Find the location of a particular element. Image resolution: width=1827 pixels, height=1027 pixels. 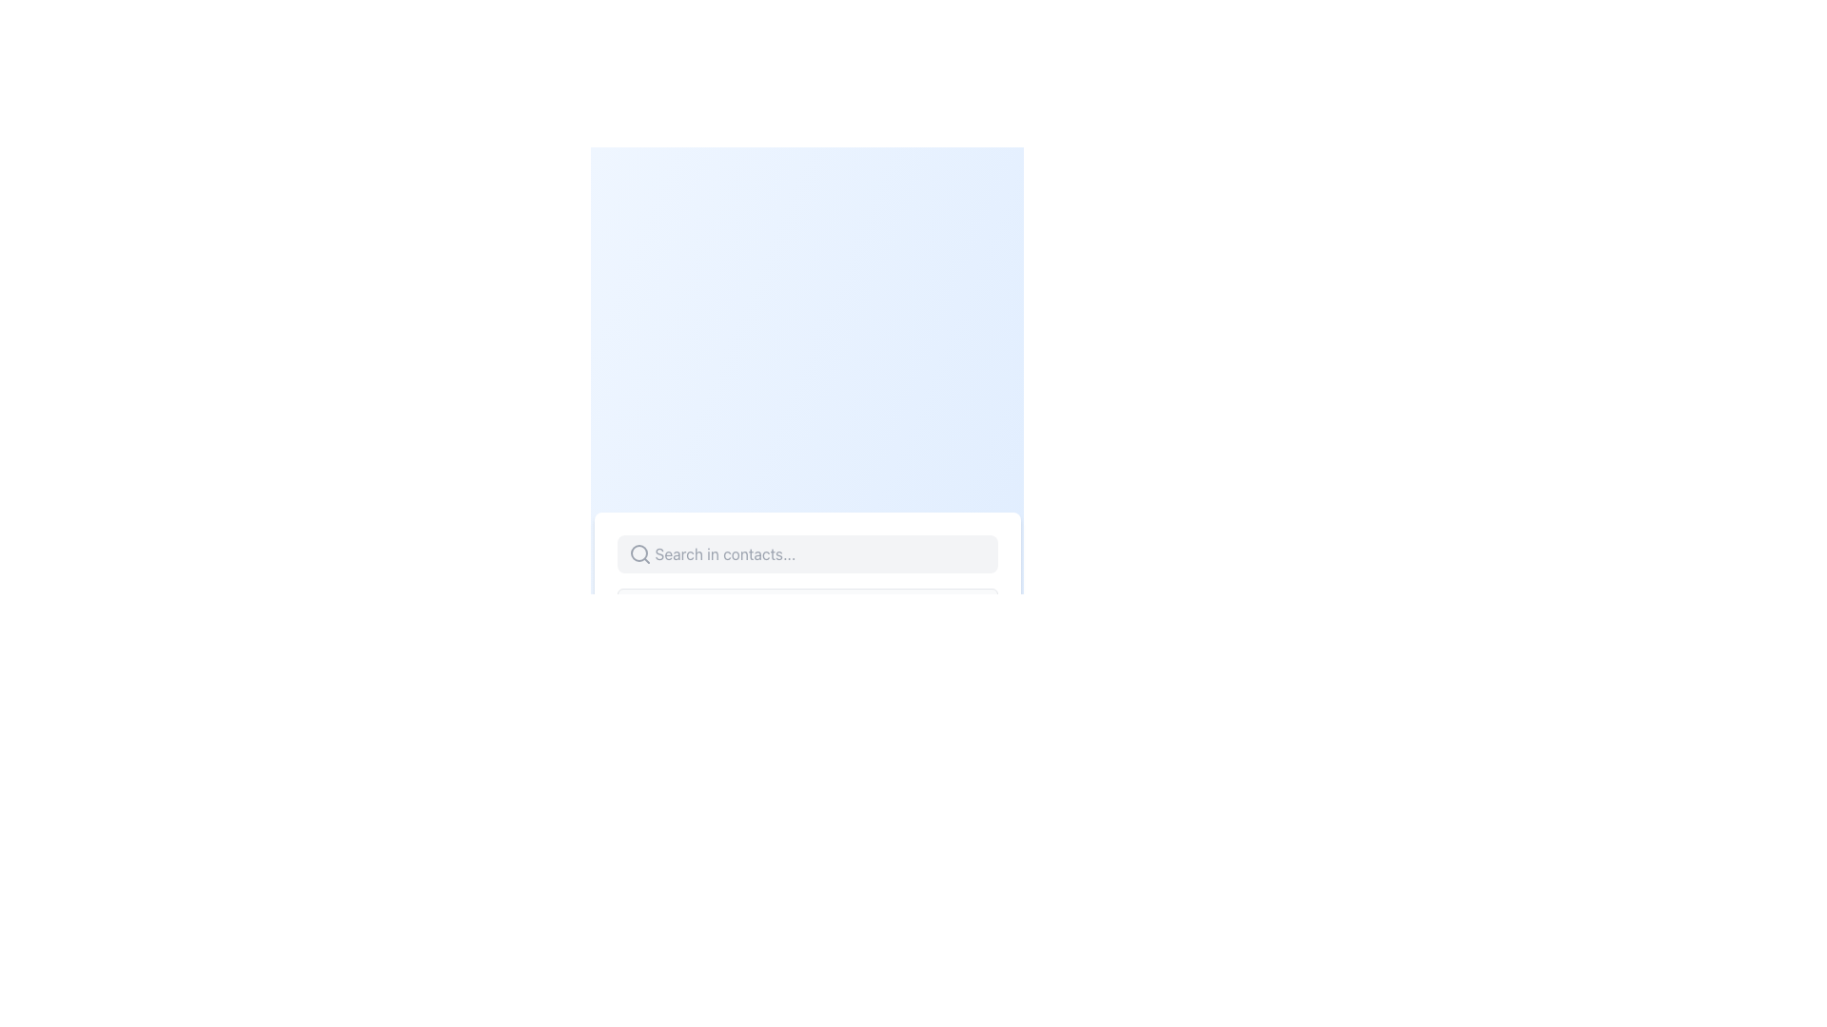

the decorative SVG circle element that serves as the central part of the magnifying glass icon for the search input field labeled 'Search in contacts...' is located at coordinates (638, 553).